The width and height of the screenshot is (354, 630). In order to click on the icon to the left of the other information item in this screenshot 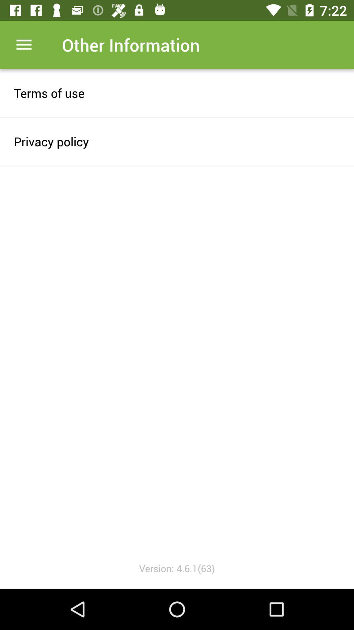, I will do `click(24, 44)`.